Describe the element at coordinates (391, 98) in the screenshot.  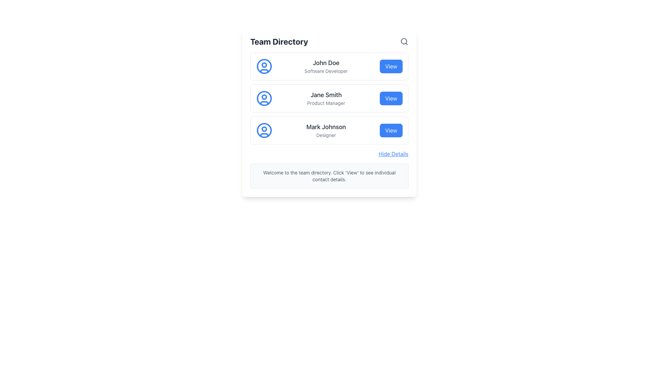
I see `the button located in the second row of the 'Team Directory' list, positioned to the far-right of 'Jane Smith' and 'Product Manager'` at that location.